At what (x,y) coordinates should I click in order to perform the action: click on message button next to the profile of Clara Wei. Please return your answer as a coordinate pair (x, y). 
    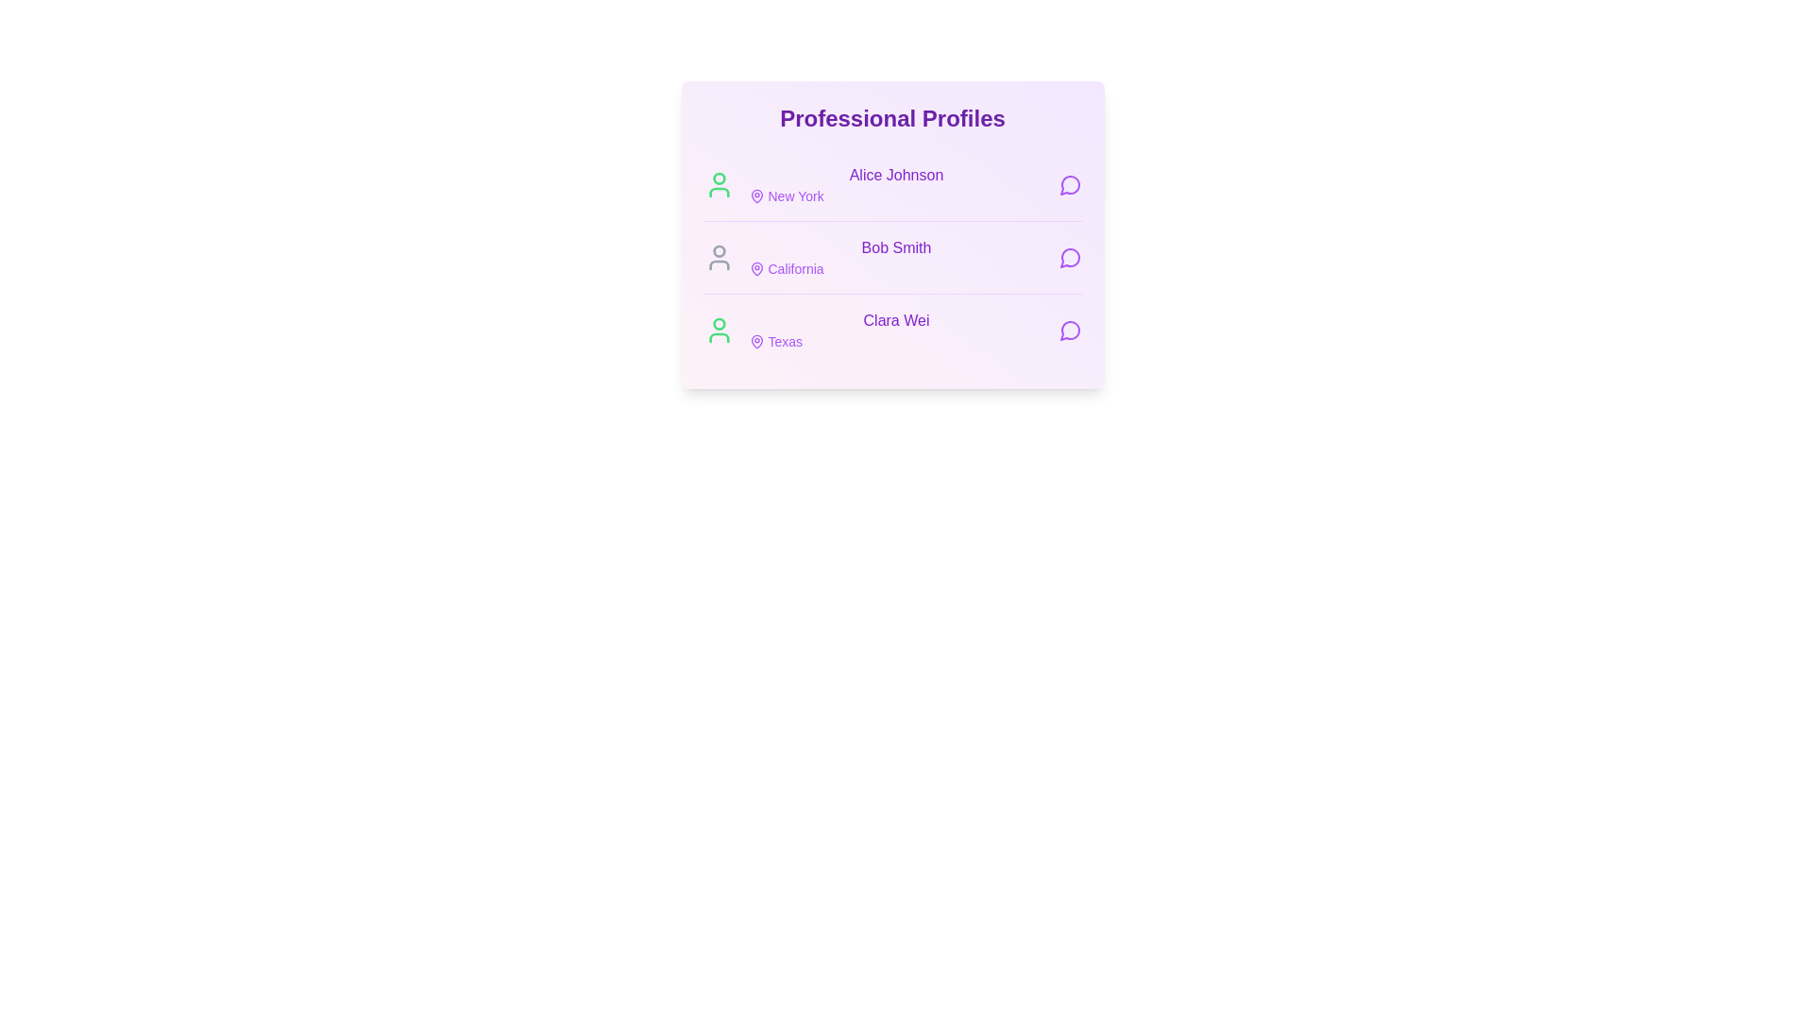
    Looking at the image, I should click on (1070, 330).